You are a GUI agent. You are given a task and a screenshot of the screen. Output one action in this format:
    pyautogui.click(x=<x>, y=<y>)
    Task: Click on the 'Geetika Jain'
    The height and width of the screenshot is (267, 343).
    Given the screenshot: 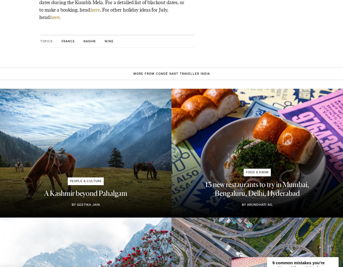 What is the action you would take?
    pyautogui.click(x=88, y=204)
    